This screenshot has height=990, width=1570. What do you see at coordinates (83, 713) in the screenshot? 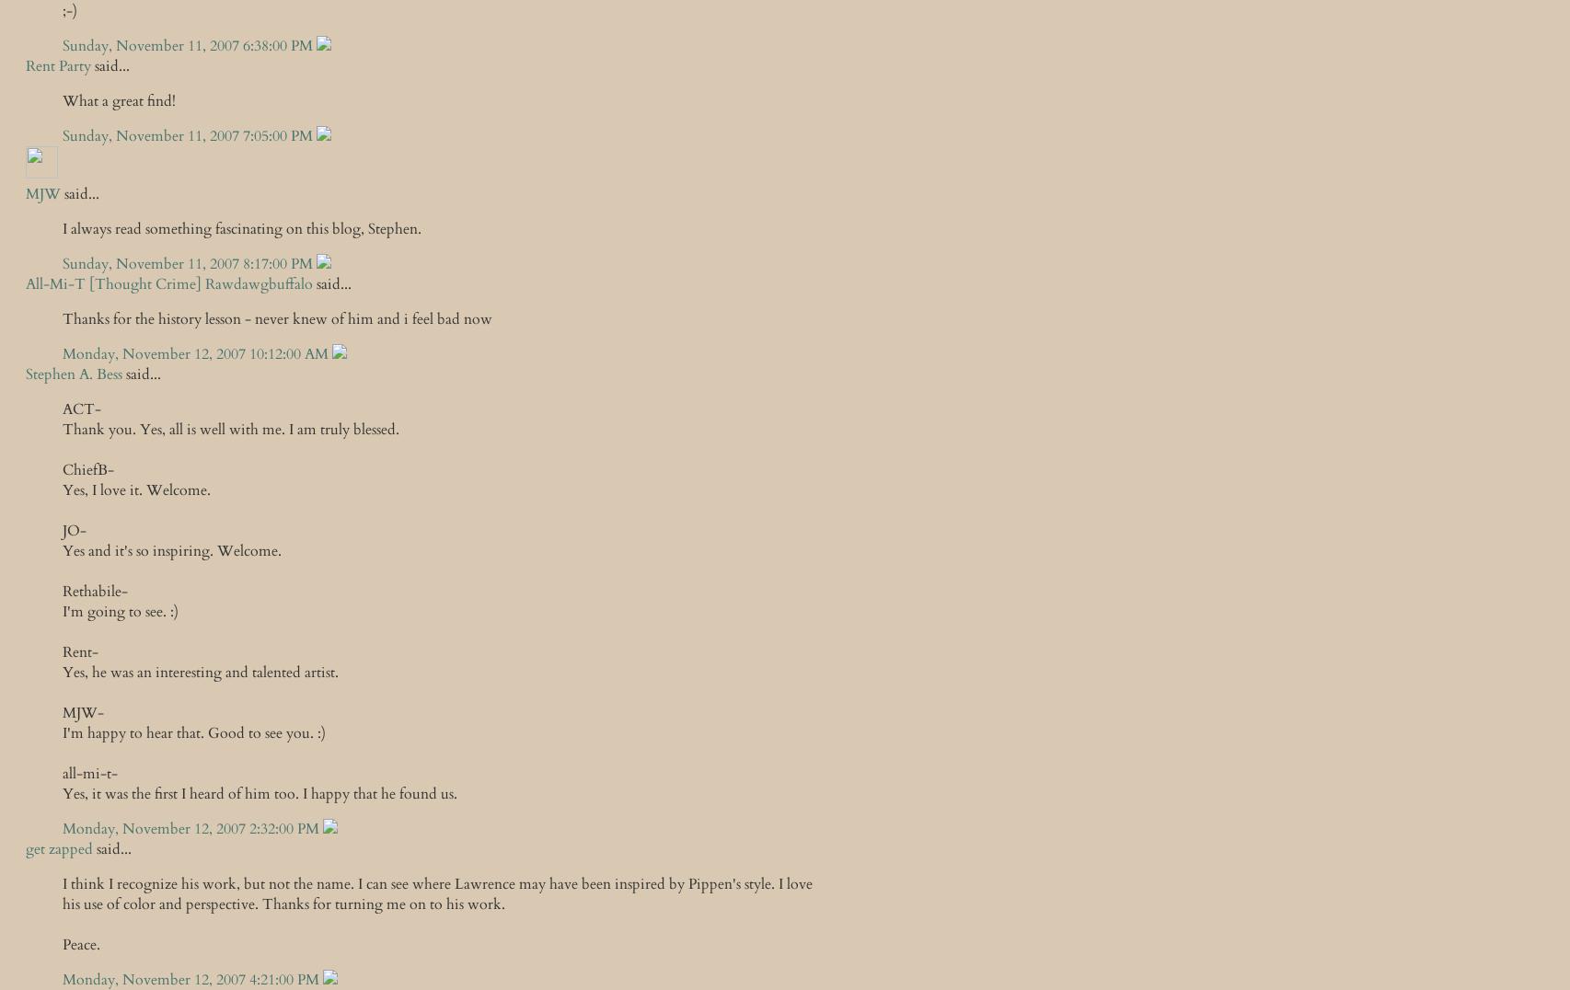
I see `'MJW-'` at bounding box center [83, 713].